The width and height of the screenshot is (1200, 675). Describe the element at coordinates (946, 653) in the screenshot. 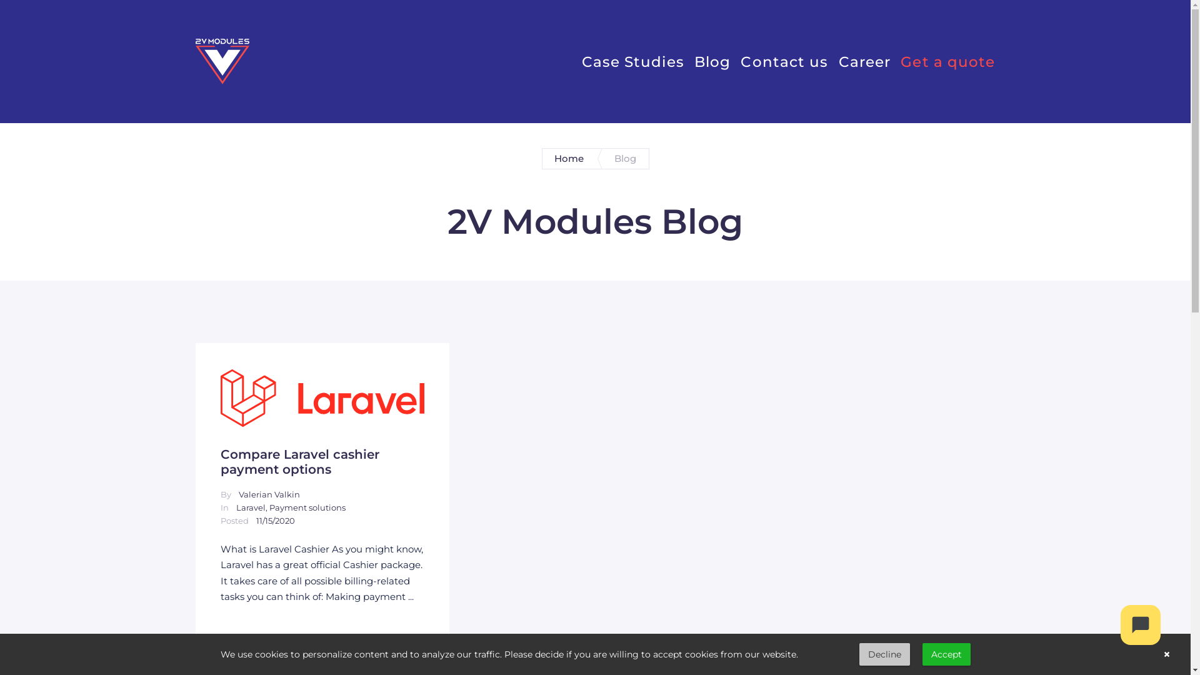

I see `'Accept'` at that location.